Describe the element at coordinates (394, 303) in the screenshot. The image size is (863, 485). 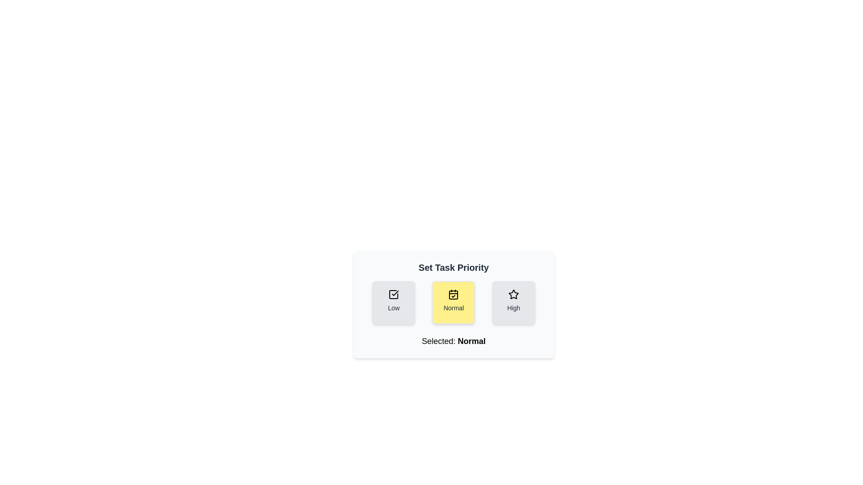
I see `the priority button labeled Low` at that location.